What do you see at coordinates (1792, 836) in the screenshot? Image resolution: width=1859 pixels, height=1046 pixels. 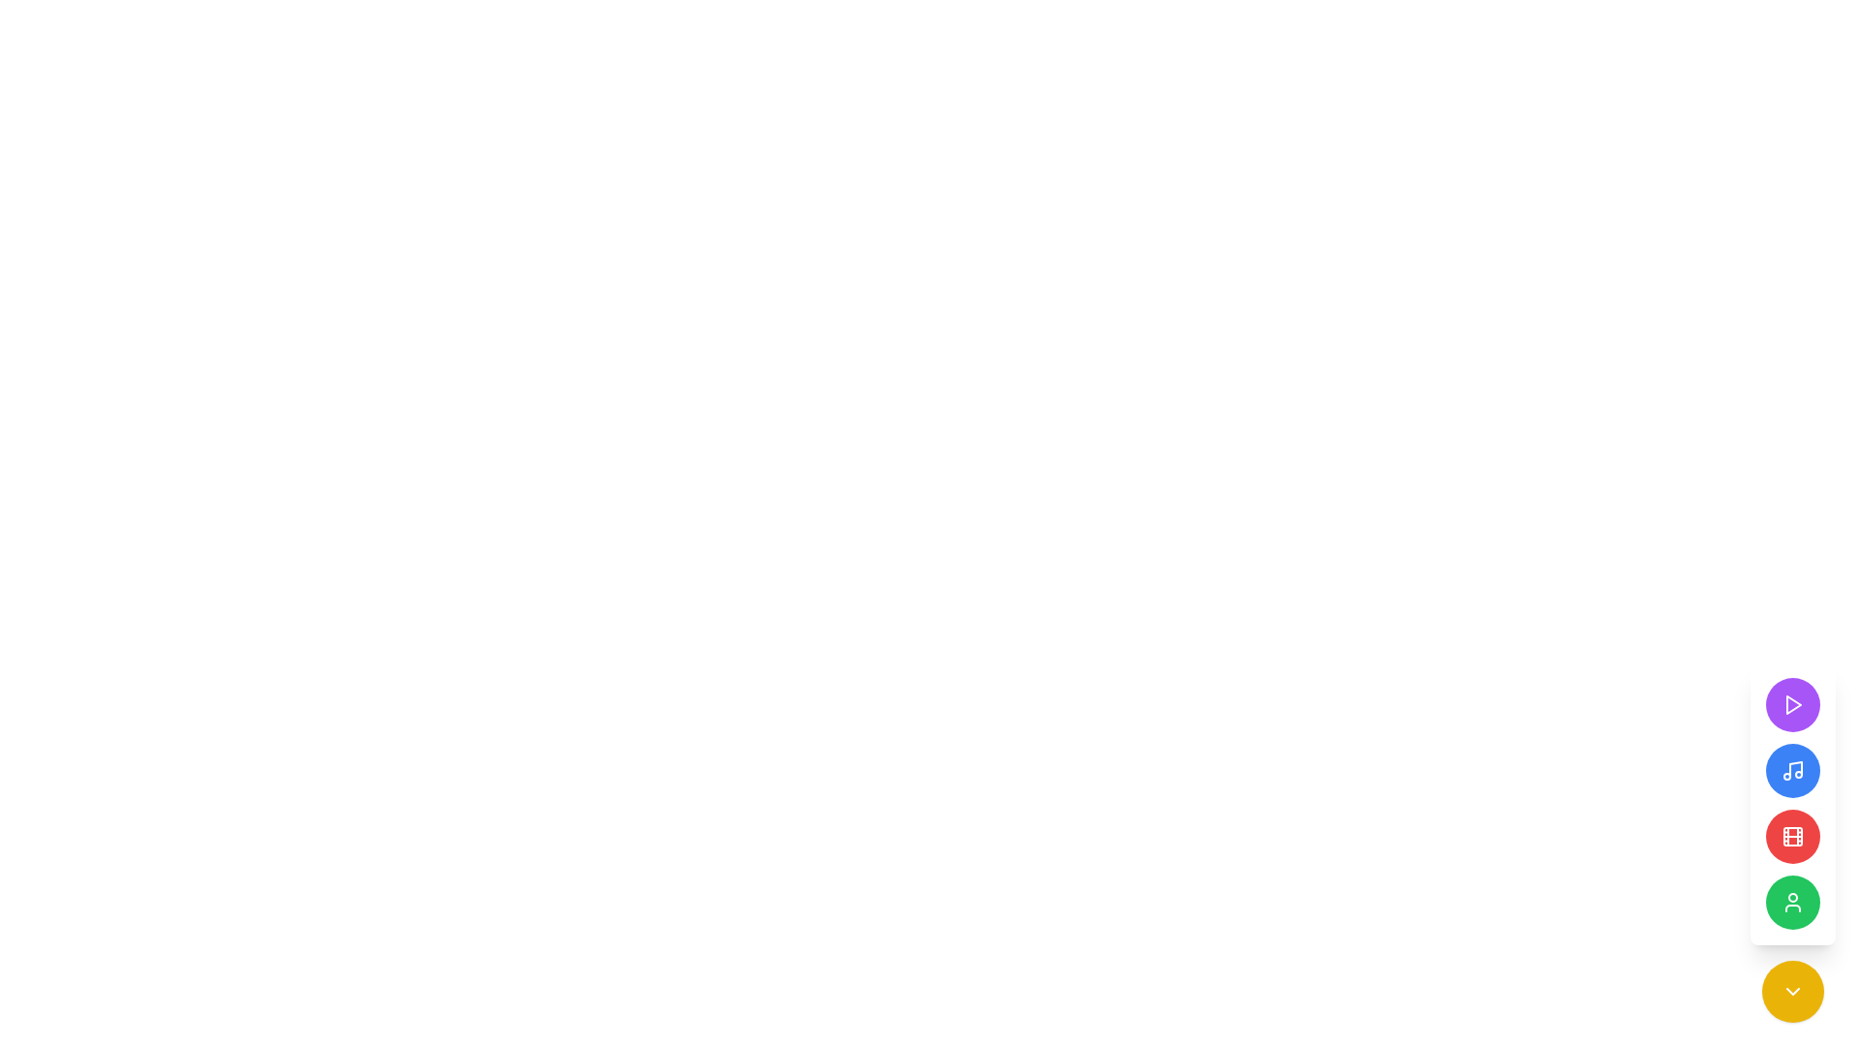 I see `the third button in the vertical stack of circular buttons, which has a film-reel icon` at bounding box center [1792, 836].